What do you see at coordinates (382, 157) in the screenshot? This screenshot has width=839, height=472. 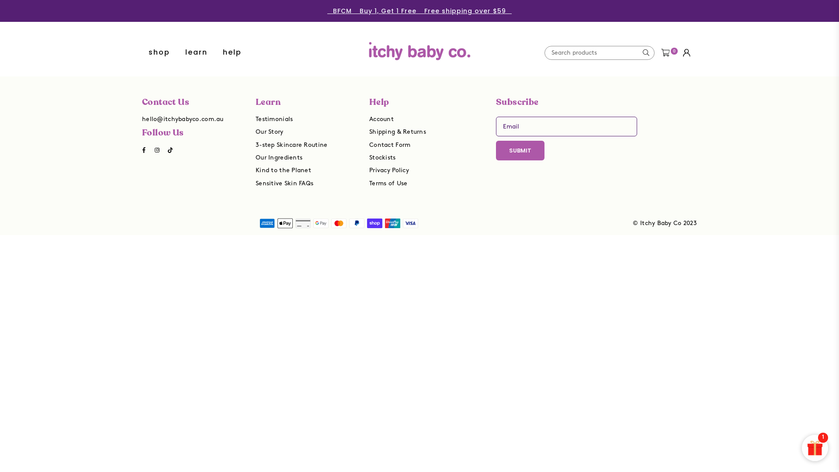 I see `'Stockists'` at bounding box center [382, 157].